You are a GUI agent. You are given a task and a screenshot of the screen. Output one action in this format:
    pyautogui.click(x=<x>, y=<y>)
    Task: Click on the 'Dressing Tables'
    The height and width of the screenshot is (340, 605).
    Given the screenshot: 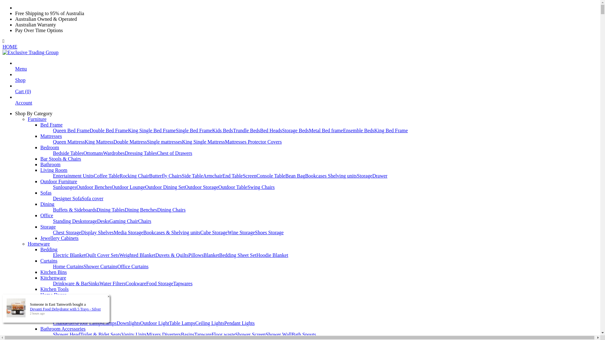 What is the action you would take?
    pyautogui.click(x=140, y=153)
    